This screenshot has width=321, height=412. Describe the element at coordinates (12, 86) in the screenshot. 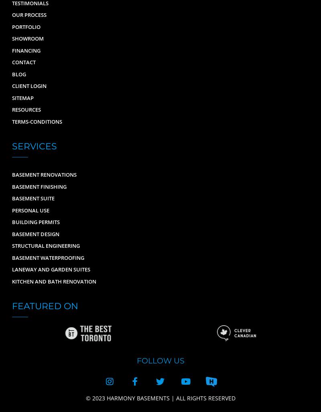

I see `'Client login'` at that location.